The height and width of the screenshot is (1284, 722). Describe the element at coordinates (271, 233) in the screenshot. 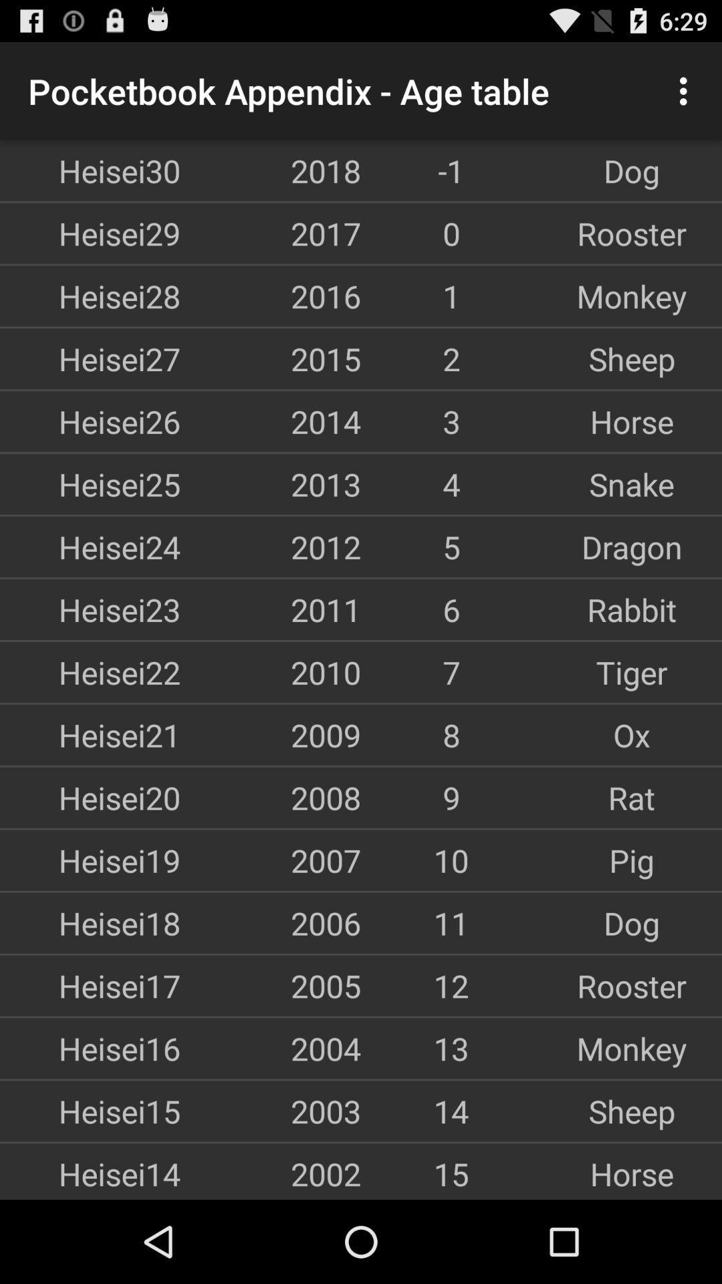

I see `the app next to the 0 icon` at that location.